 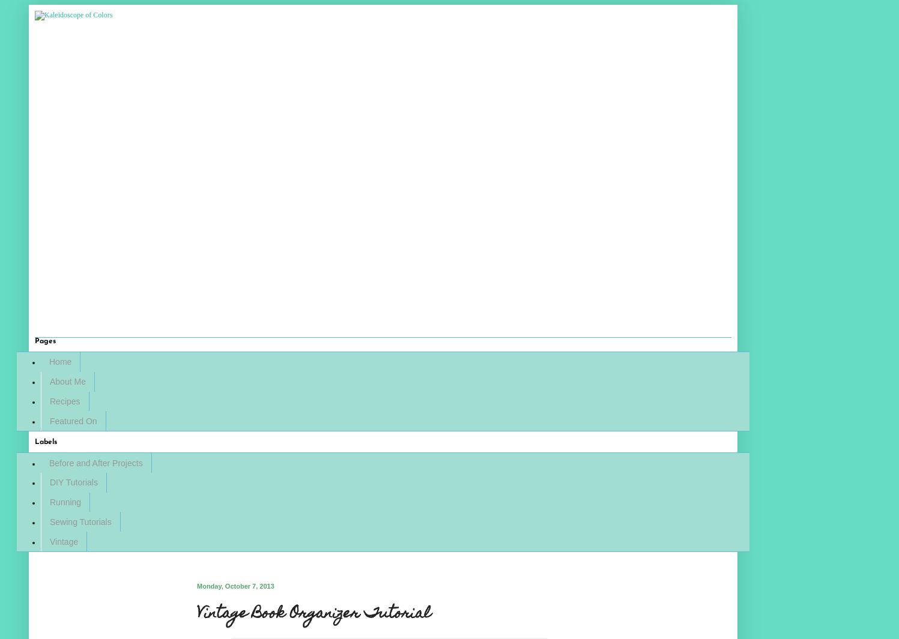 What do you see at coordinates (73, 482) in the screenshot?
I see `'DIY Tutorials'` at bounding box center [73, 482].